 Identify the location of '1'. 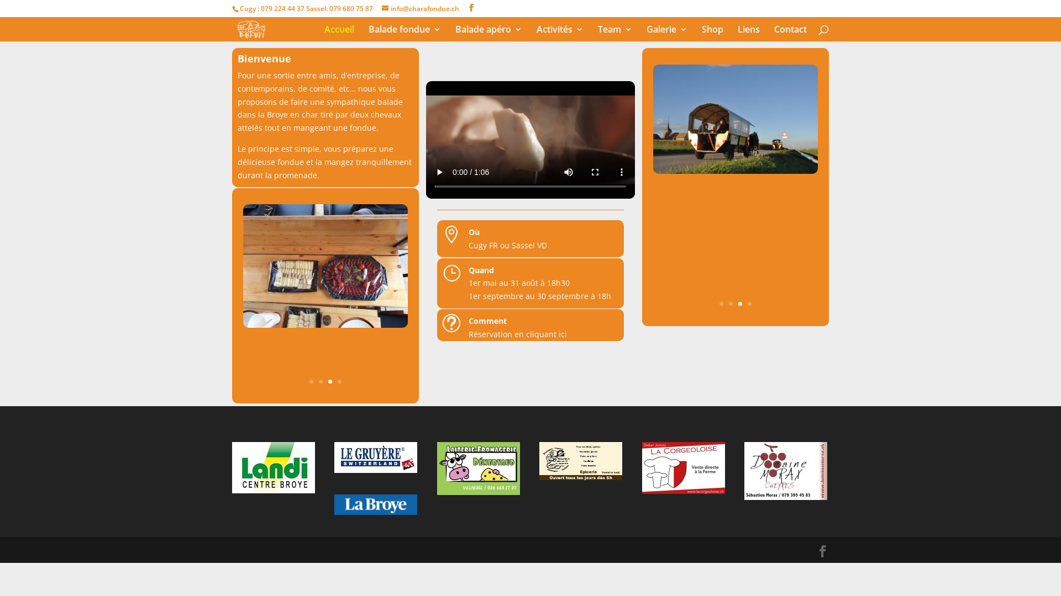
(721, 304).